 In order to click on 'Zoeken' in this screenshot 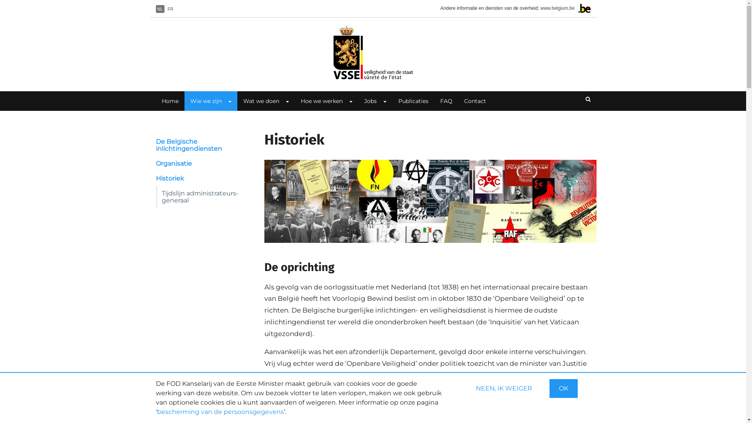, I will do `click(579, 99)`.